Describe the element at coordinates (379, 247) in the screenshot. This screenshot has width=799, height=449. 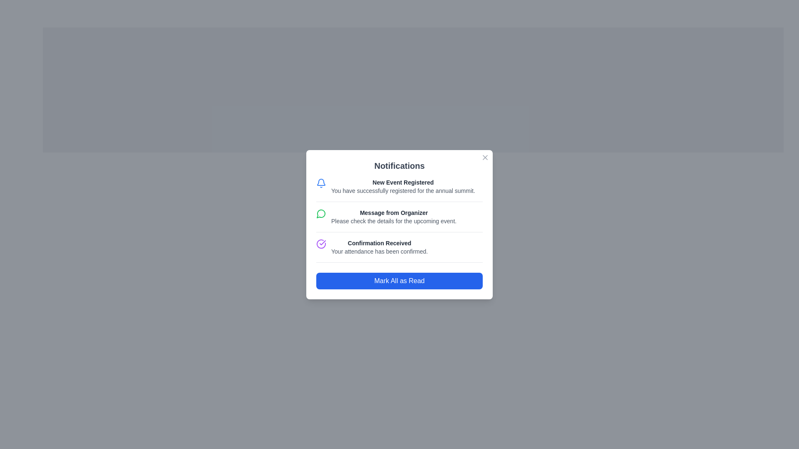
I see `textual notification confirming attendance, which is the third notification in the 'Notifications' panel, positioned below 'Message from Organizer' and above 'Mark All as Read'` at that location.